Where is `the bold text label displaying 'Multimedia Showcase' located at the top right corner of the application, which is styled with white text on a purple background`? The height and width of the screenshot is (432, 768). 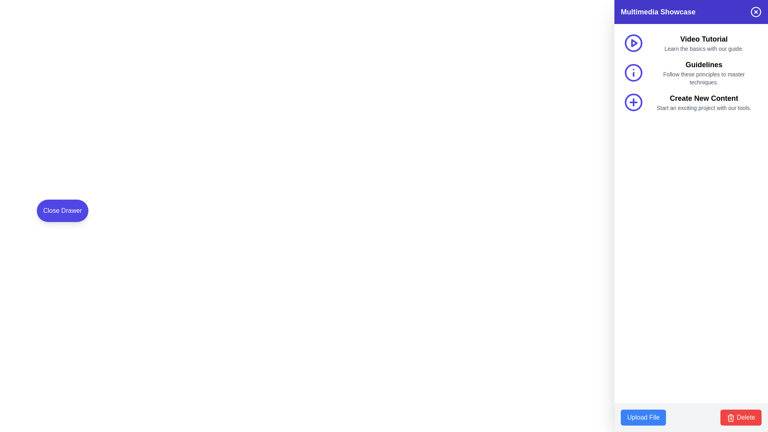
the bold text label displaying 'Multimedia Showcase' located at the top right corner of the application, which is styled with white text on a purple background is located at coordinates (658, 12).